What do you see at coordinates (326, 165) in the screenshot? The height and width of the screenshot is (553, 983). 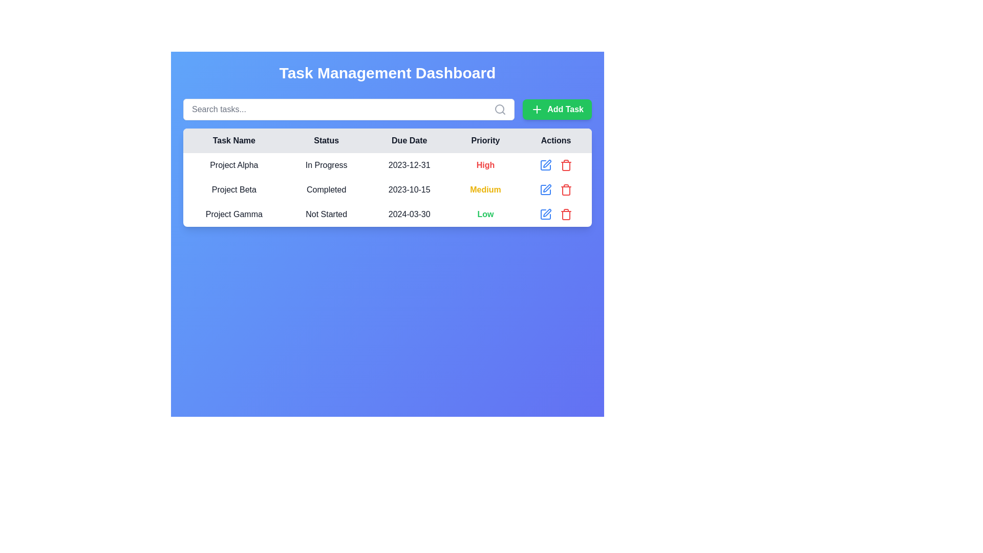 I see `the 'In Progress' text label, which is centered in the second column of the 'Project Alpha' row in the table` at bounding box center [326, 165].